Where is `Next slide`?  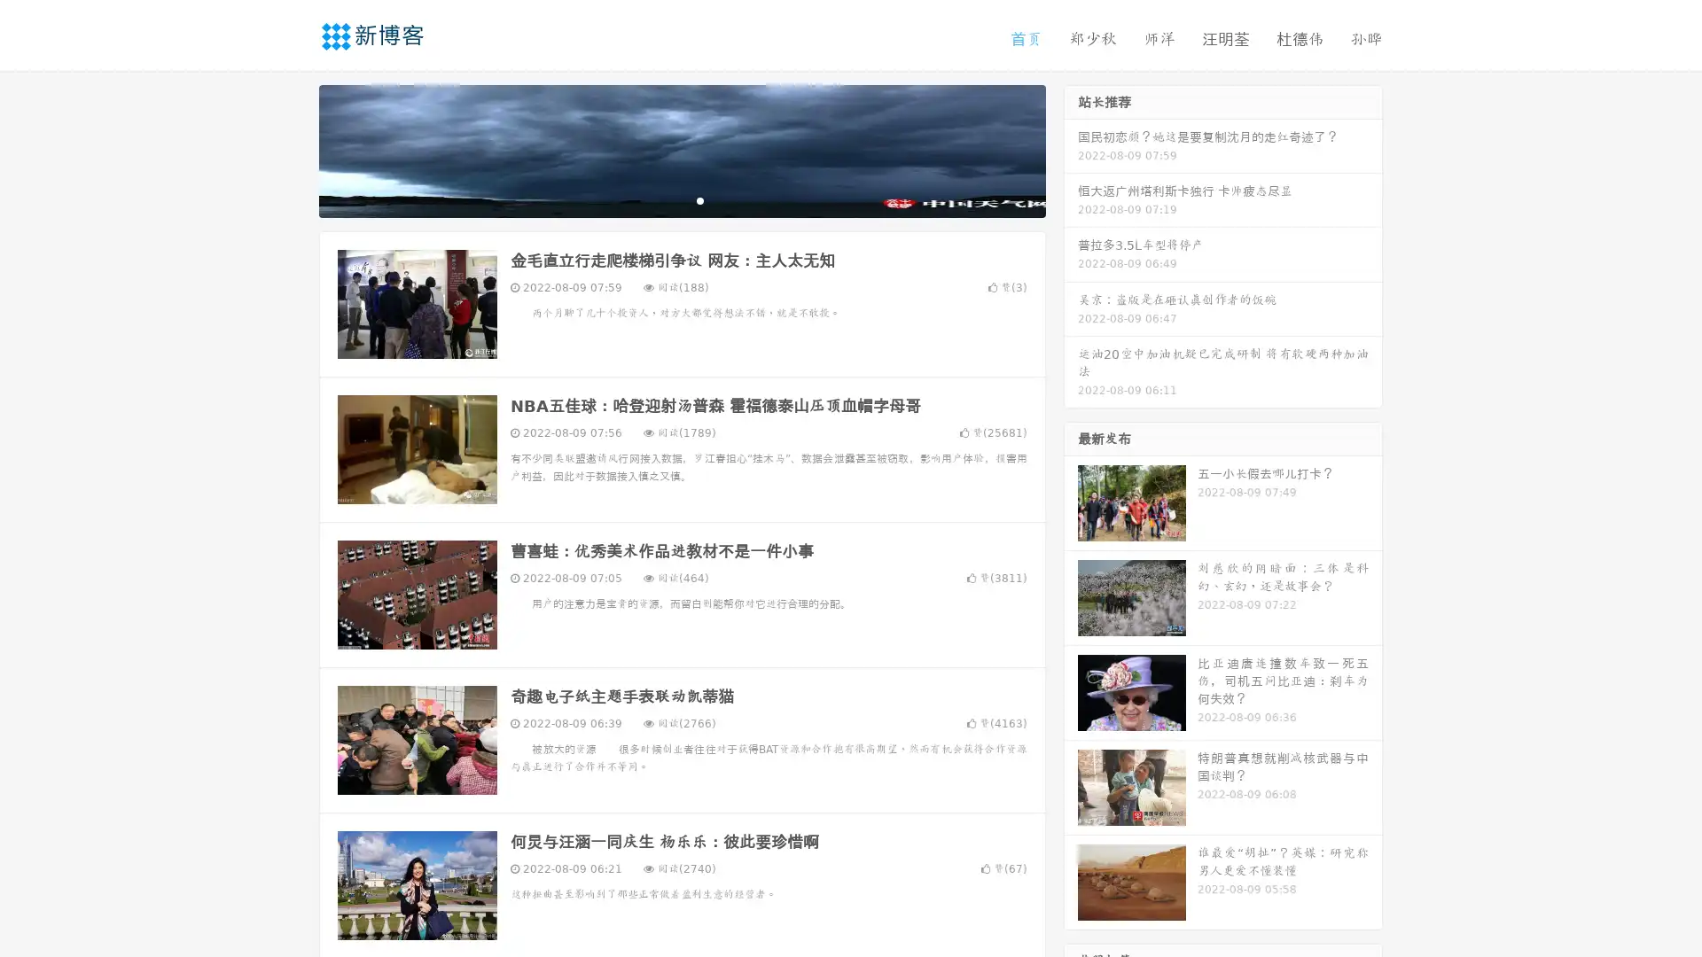
Next slide is located at coordinates (1071, 149).